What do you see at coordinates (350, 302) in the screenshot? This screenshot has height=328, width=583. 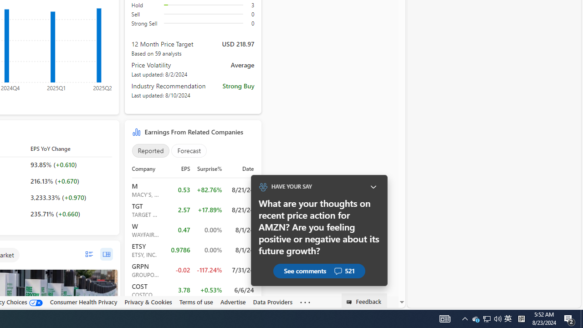 I see `'Class: feedback_link_icon-DS-EntryPoint1-1'` at bounding box center [350, 302].